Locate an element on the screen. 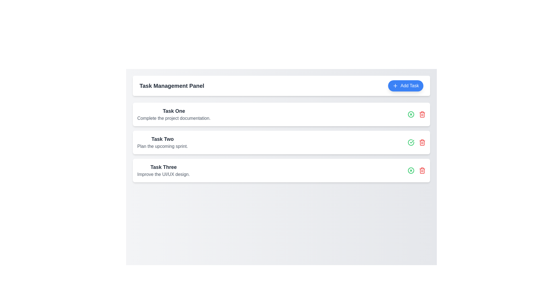  the third card is located at coordinates (281, 170).